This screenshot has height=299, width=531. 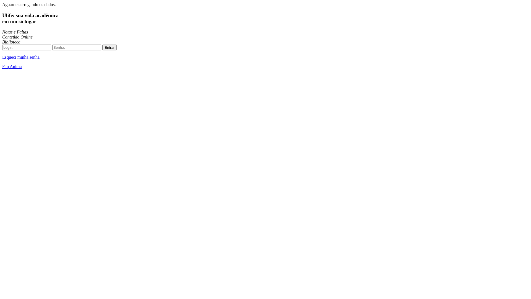 I want to click on 'Esqueci minha senha', so click(x=21, y=57).